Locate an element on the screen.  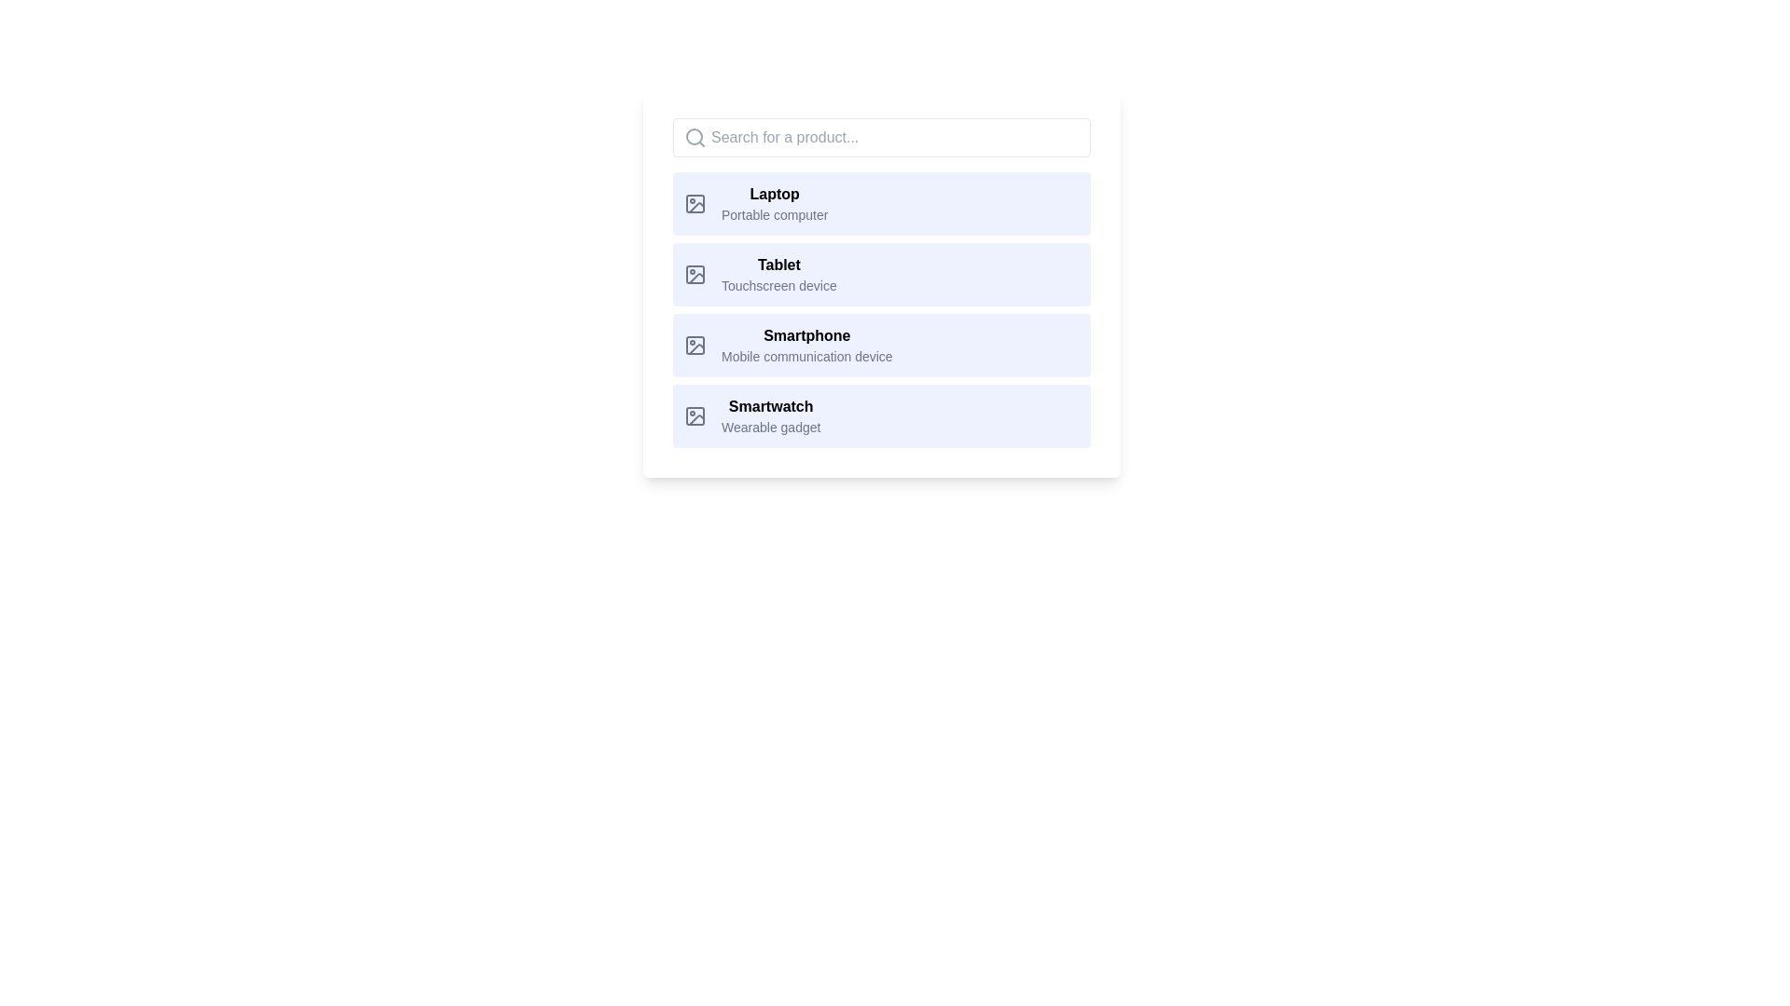
the Card component that has a light indigo background, displaying 'Laptop' in bold and 'Portable computer' in smaller gray font, located at the first position in a vertical list is located at coordinates (880, 204).